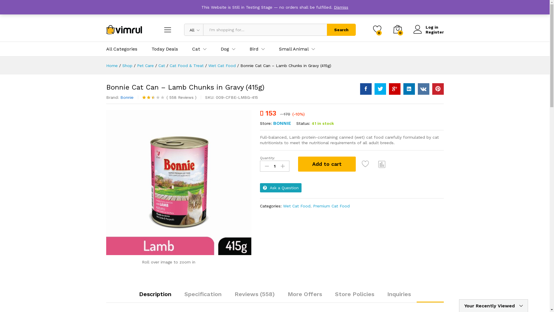  Describe the element at coordinates (413, 32) in the screenshot. I see `'Register'` at that location.